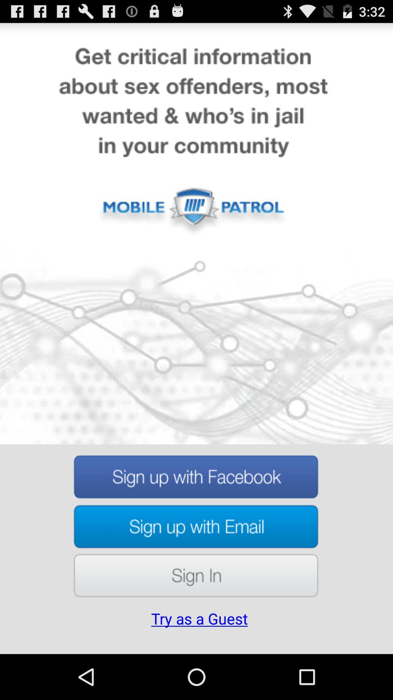  Describe the element at coordinates (199, 629) in the screenshot. I see `the try as a item` at that location.